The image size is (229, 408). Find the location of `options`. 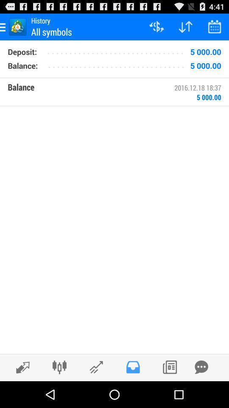

options is located at coordinates (59, 367).